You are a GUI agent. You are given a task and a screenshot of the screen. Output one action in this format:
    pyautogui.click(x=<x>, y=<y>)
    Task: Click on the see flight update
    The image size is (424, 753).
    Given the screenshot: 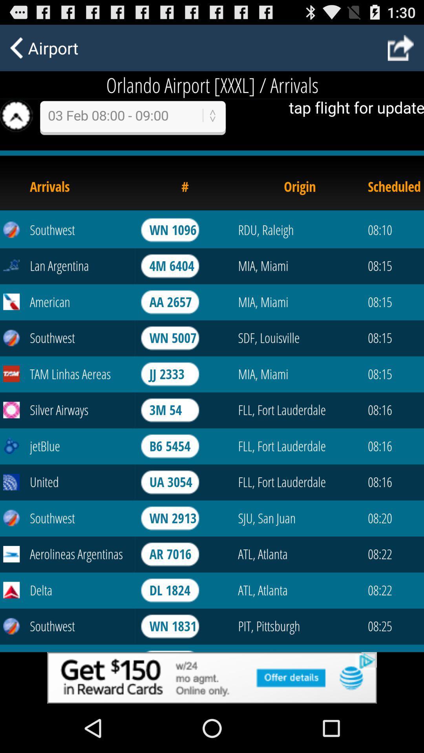 What is the action you would take?
    pyautogui.click(x=212, y=361)
    